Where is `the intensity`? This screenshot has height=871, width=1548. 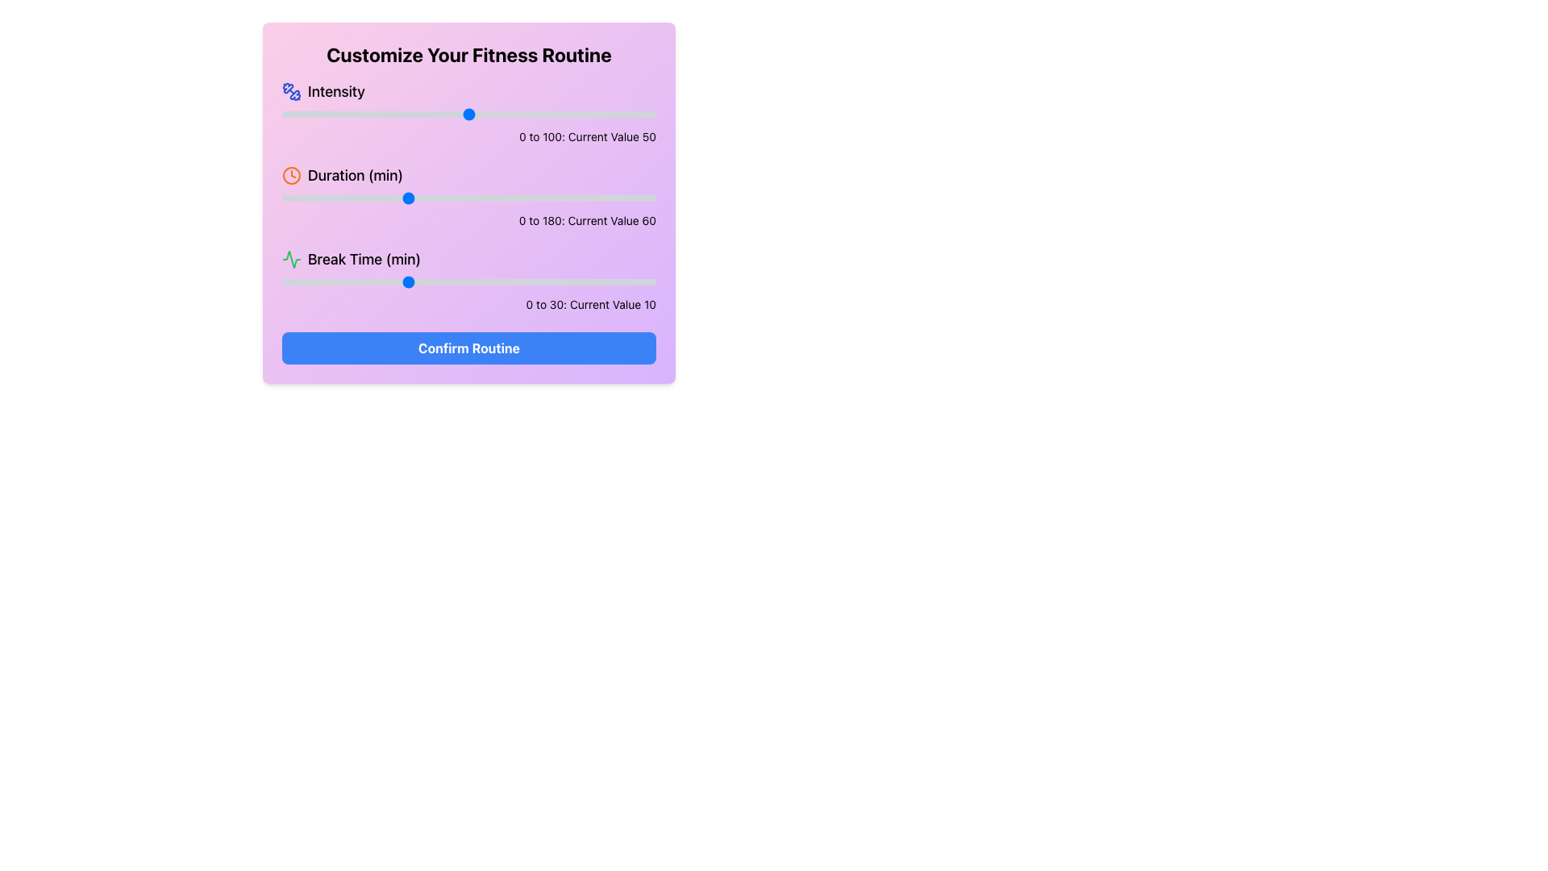 the intensity is located at coordinates (652, 114).